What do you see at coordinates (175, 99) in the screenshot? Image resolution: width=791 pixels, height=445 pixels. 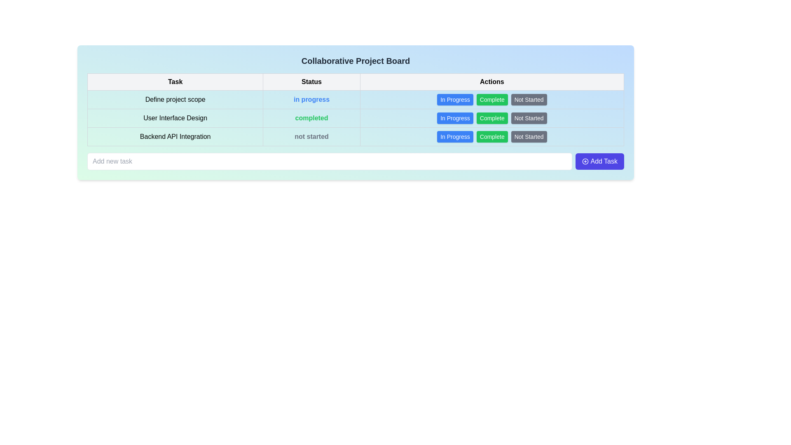 I see `text label displaying 'Define project scope' located in the first row under the 'Task' column of the 'Collaborative Project Board' table` at bounding box center [175, 99].